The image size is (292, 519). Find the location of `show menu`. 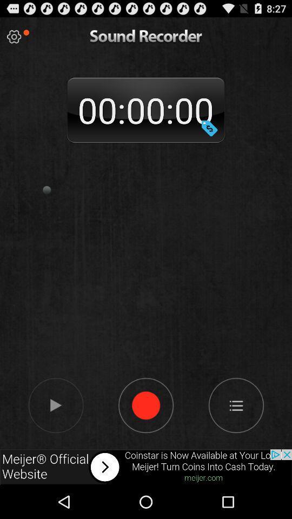

show menu is located at coordinates (235, 404).